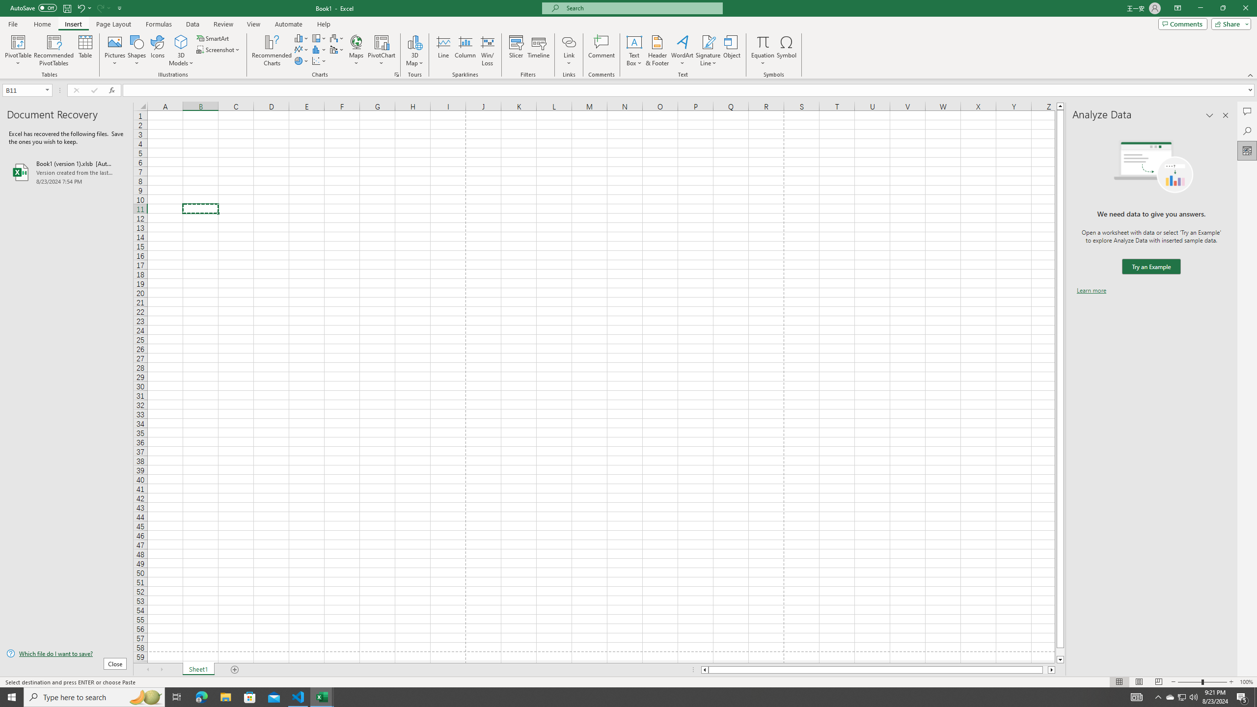  I want to click on 'Symbol...', so click(787, 51).